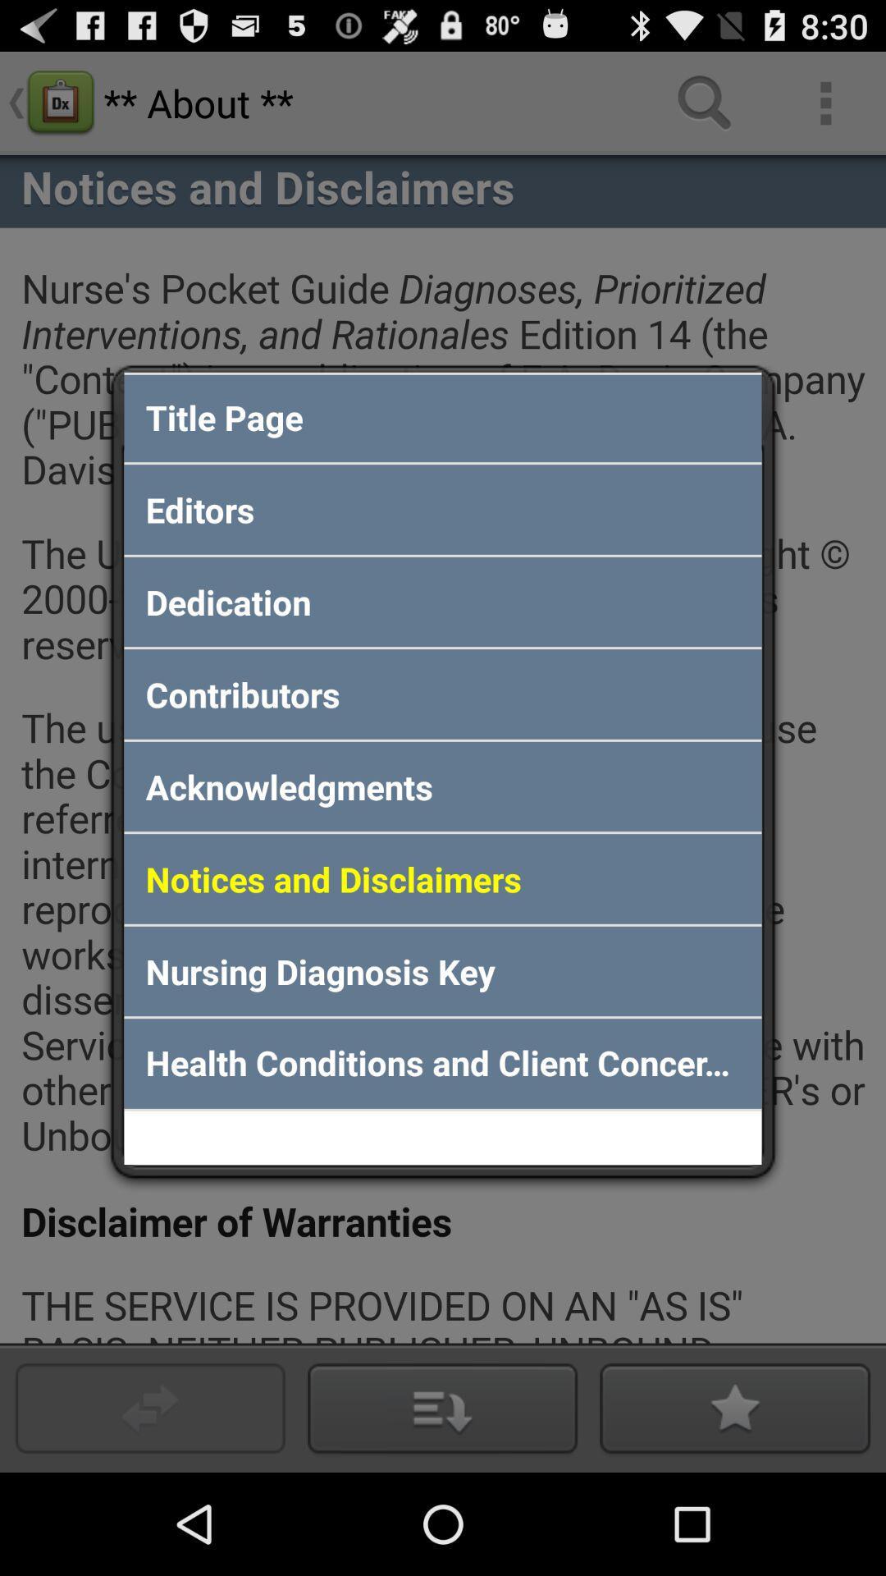  What do you see at coordinates (443, 508) in the screenshot?
I see `the editors icon` at bounding box center [443, 508].